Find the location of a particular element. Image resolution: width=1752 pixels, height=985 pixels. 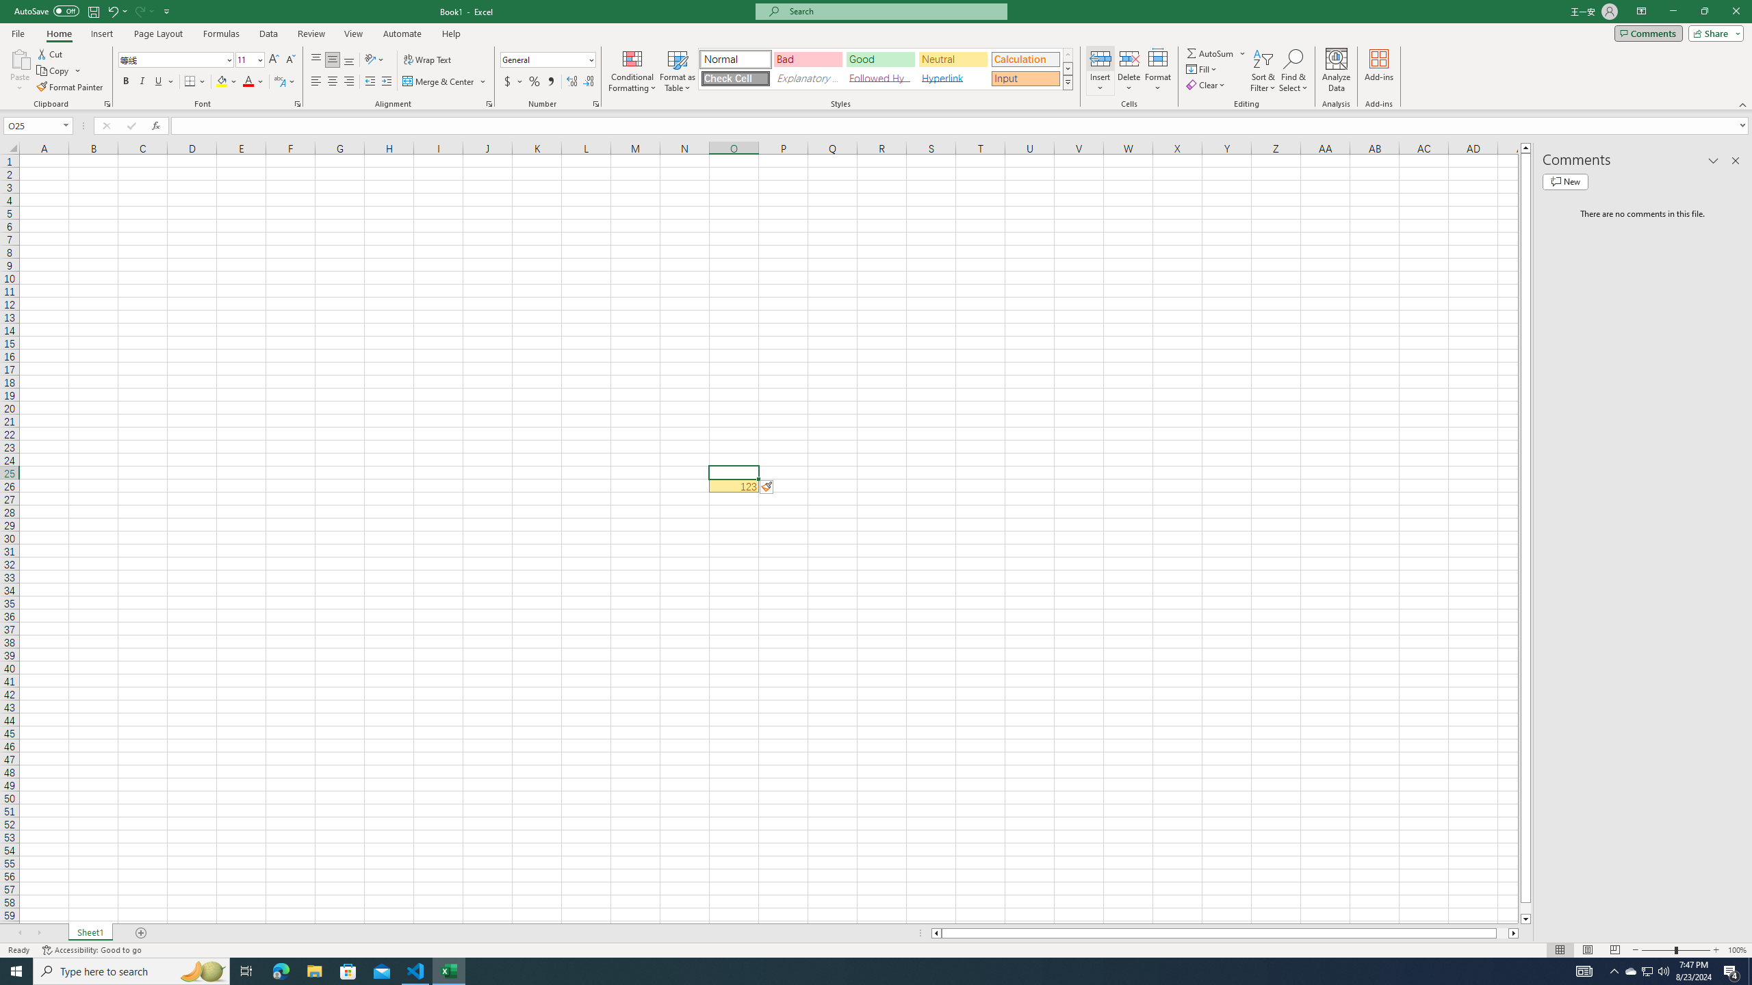

'Hyperlink' is located at coordinates (952, 78).